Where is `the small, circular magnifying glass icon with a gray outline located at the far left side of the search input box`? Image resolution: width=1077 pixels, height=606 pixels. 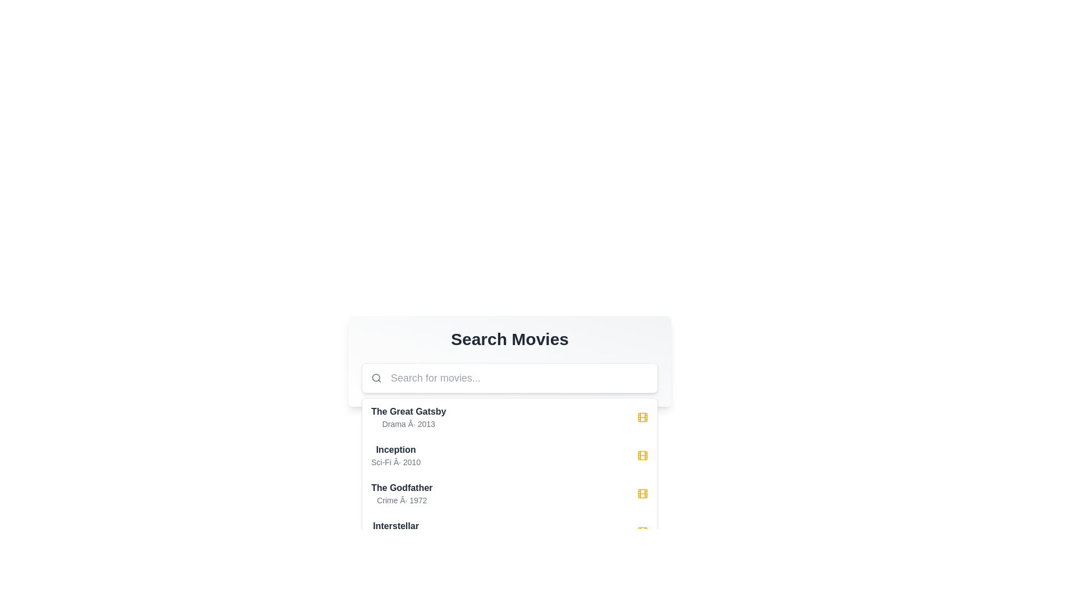
the small, circular magnifying glass icon with a gray outline located at the far left side of the search input box is located at coordinates (376, 378).